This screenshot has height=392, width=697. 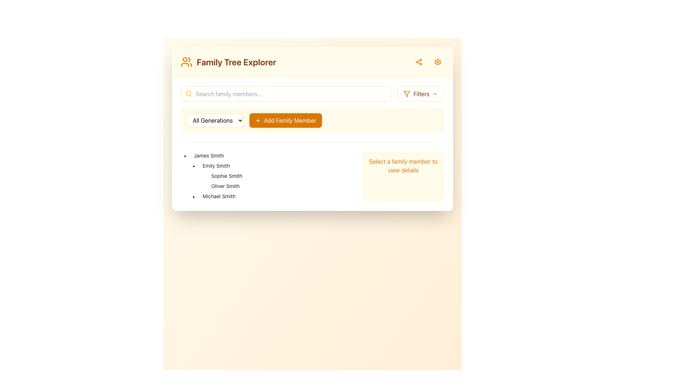 I want to click on the cogwheel or gear icon located in the top-right corner of the interface, so click(x=437, y=61).